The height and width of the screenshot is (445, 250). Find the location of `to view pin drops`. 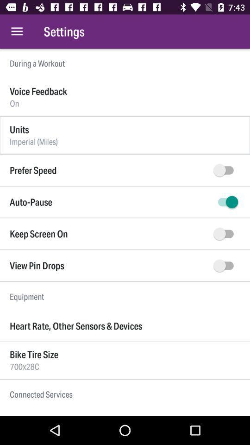

to view pin drops is located at coordinates (225, 266).